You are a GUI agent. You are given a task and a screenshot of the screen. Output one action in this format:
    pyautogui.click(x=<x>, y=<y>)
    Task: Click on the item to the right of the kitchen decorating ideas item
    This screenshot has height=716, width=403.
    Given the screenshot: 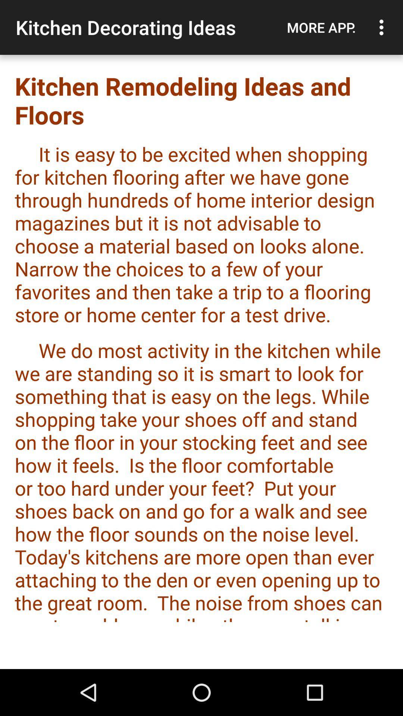 What is the action you would take?
    pyautogui.click(x=321, y=27)
    